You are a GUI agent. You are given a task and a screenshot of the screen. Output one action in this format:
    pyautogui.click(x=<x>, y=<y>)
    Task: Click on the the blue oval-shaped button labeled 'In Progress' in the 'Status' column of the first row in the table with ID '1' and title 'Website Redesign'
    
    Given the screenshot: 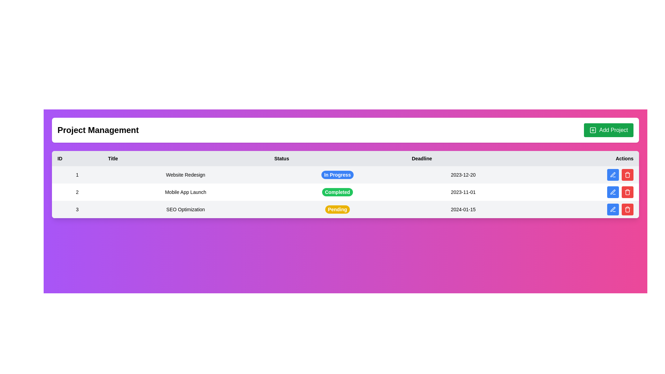 What is the action you would take?
    pyautogui.click(x=337, y=175)
    